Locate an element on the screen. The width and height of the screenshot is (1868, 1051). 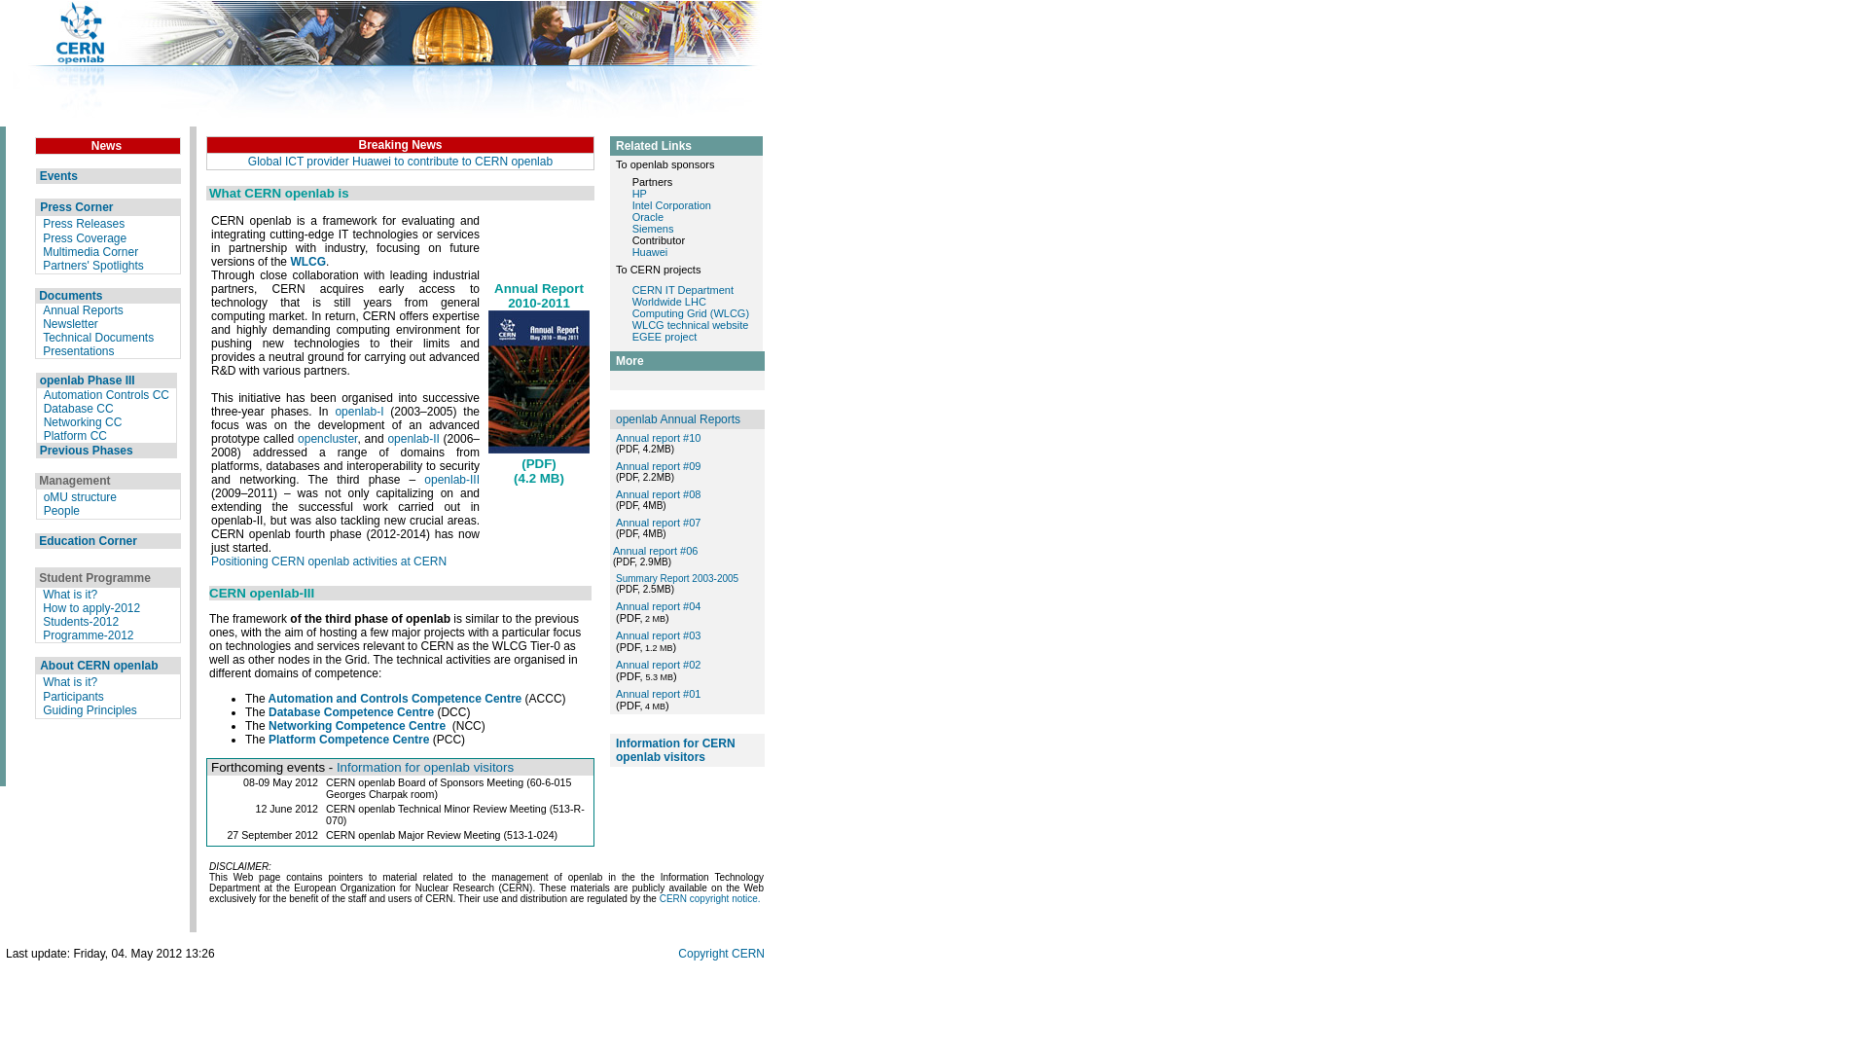
'Copyright CERN' is located at coordinates (720, 952).